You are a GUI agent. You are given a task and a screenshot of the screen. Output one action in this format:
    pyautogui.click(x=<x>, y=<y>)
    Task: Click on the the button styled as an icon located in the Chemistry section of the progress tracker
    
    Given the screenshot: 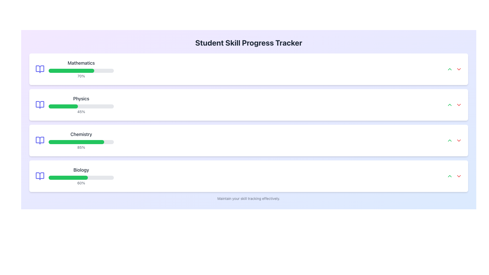 What is the action you would take?
    pyautogui.click(x=450, y=140)
    